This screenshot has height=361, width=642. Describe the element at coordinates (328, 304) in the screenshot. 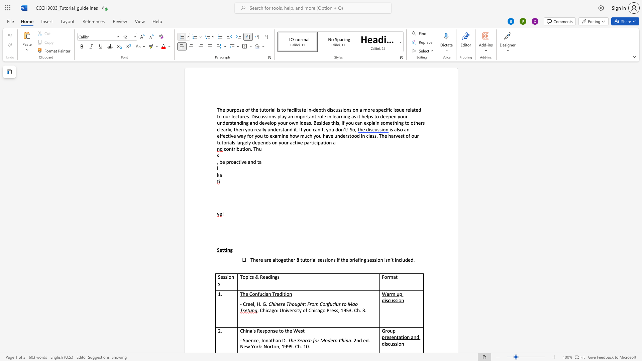

I see `the space between the continuous character "n" and "f" in the text` at that location.